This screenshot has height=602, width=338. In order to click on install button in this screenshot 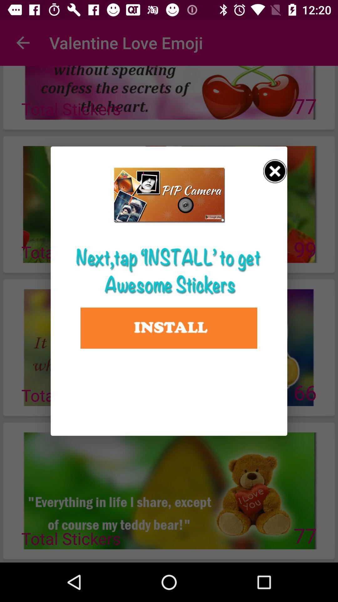, I will do `click(168, 328)`.